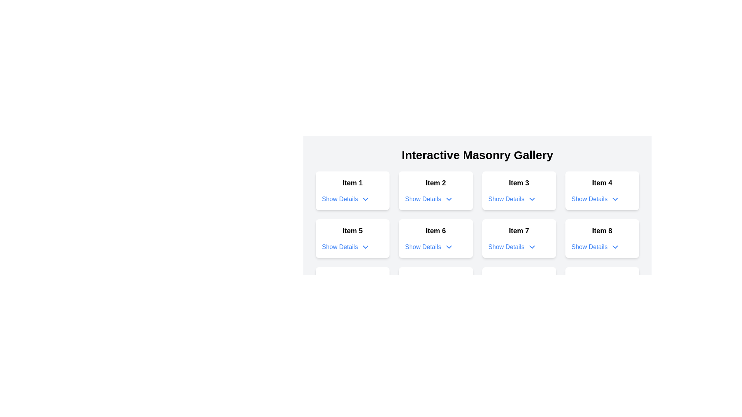 The width and height of the screenshot is (742, 417). Describe the element at coordinates (449, 247) in the screenshot. I see `the downward-pointing chevron icon located to the right of the 'Show Details' text in the 'Item 6' tile` at that location.